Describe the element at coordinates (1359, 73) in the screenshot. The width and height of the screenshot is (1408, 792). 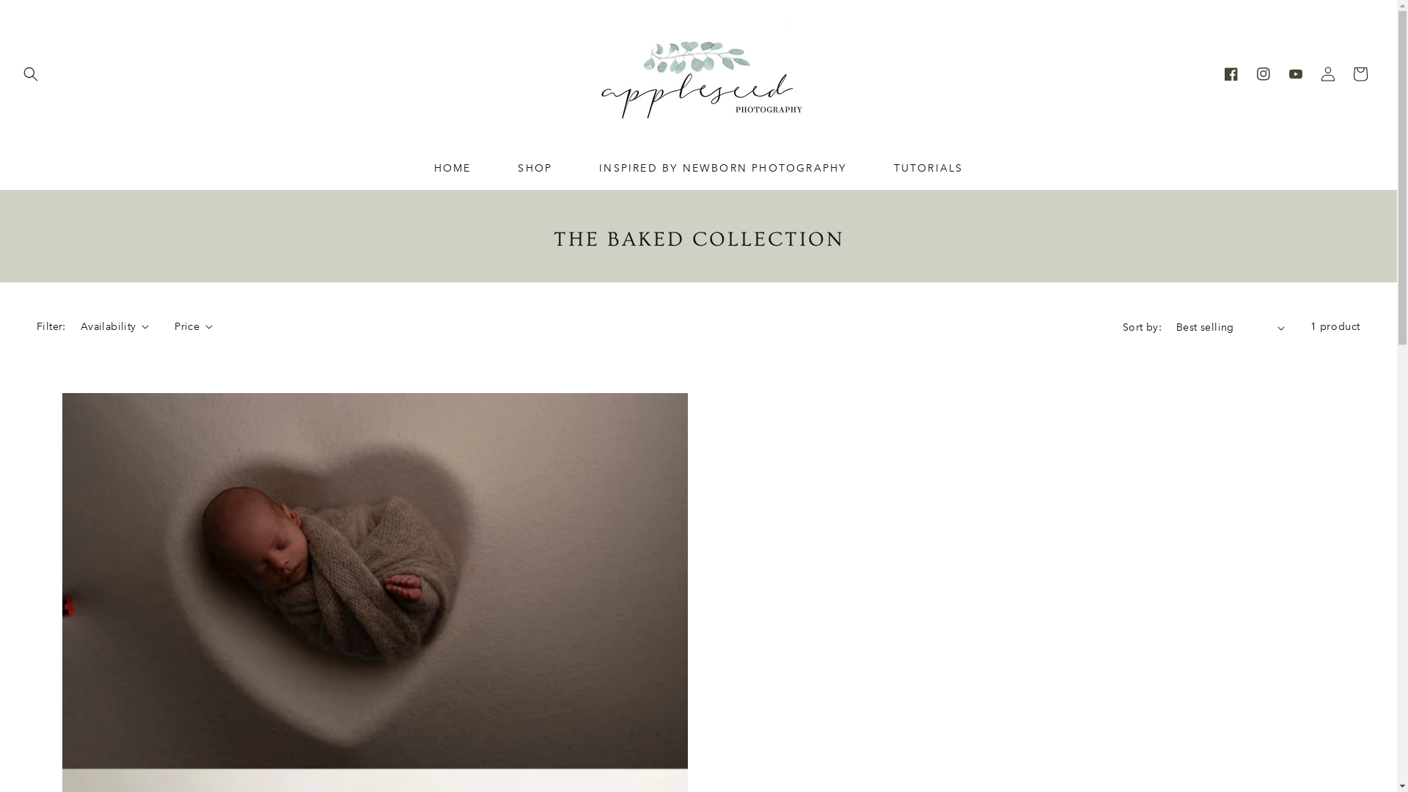
I see `'Cart'` at that location.